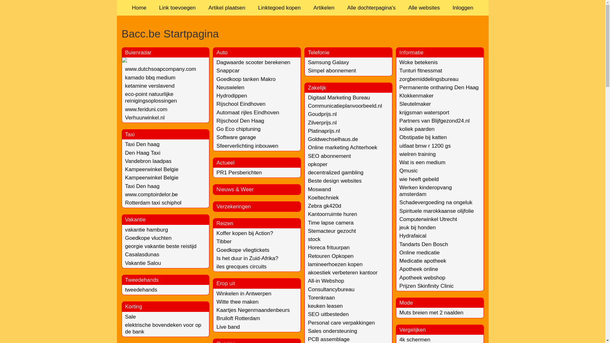  What do you see at coordinates (236, 137) in the screenshot?
I see `'Software garage'` at bounding box center [236, 137].